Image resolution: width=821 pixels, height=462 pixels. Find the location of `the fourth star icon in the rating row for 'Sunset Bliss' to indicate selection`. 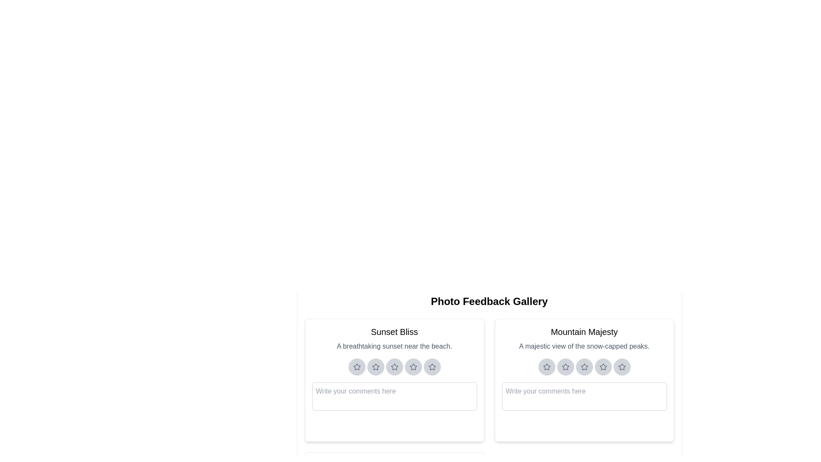

the fourth star icon in the rating row for 'Sunset Bliss' to indicate selection is located at coordinates (413, 366).